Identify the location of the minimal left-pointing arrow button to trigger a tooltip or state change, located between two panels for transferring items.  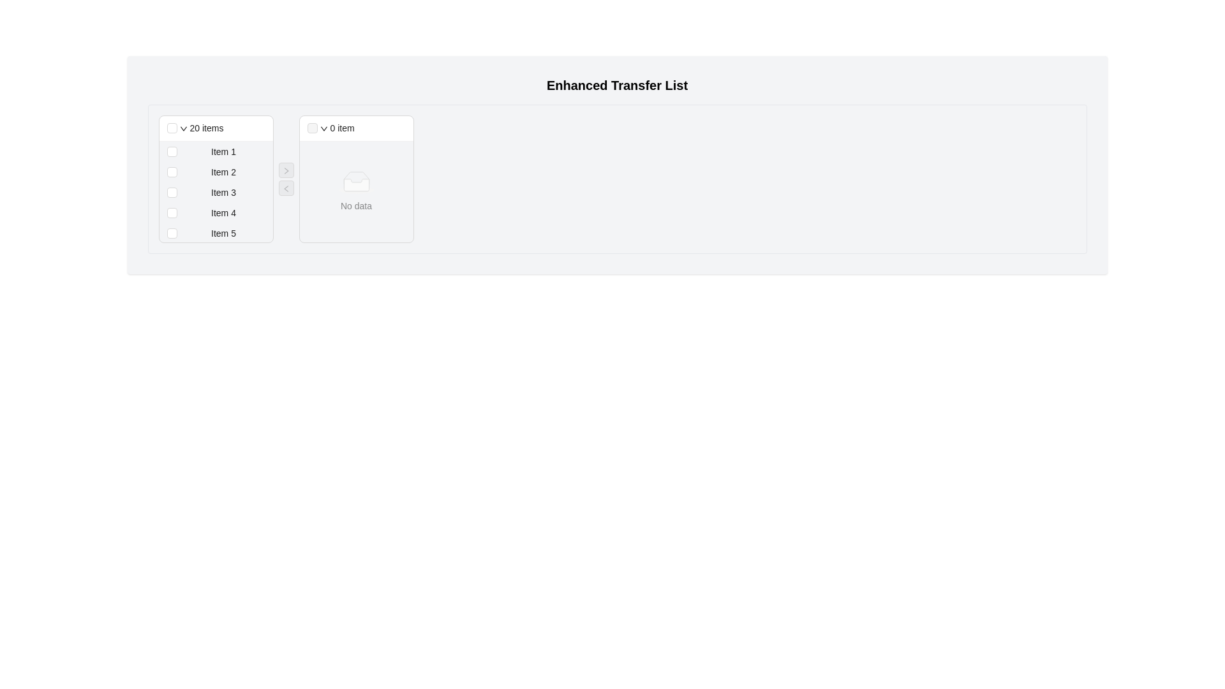
(285, 188).